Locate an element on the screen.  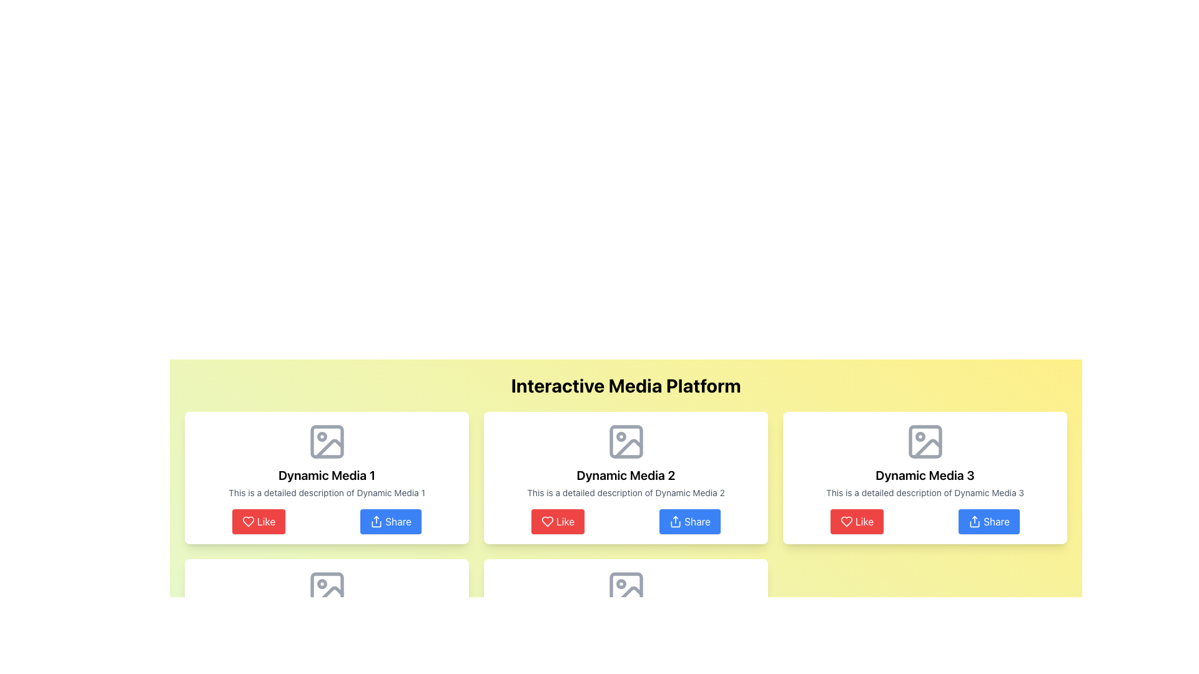
the graphical icon representing an image with a gray outline and a circular detail, located above the text 'Dynamic Media 3' in the third panel of the interface is located at coordinates (925, 441).